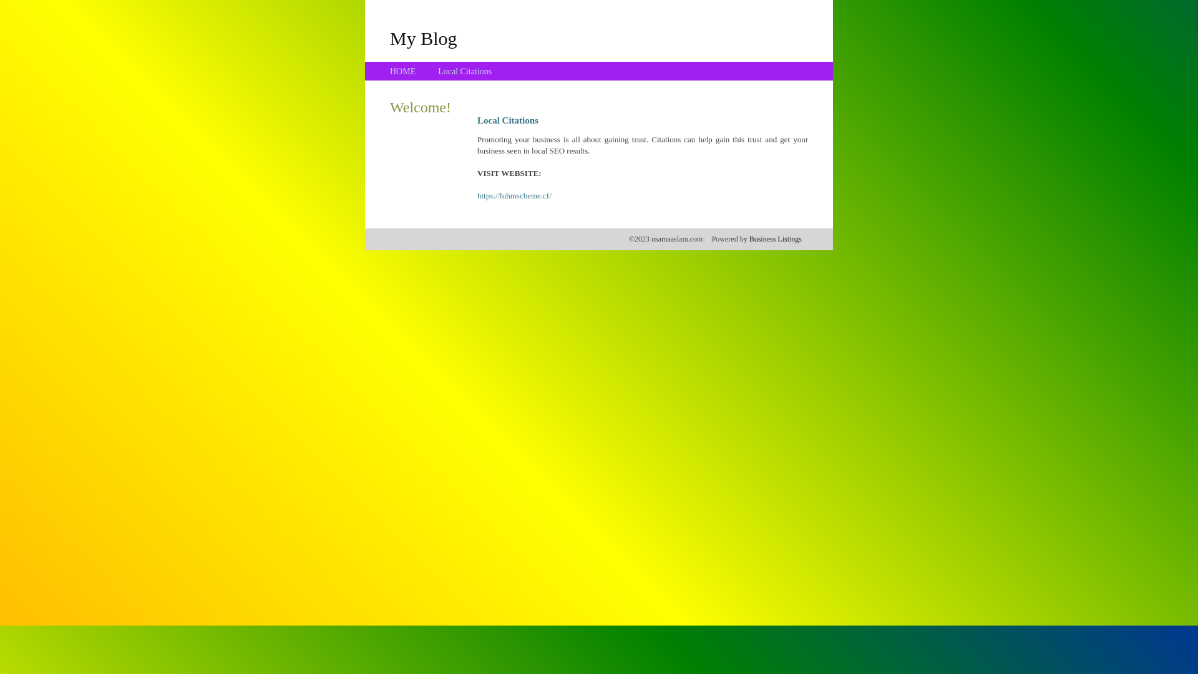 The height and width of the screenshot is (674, 1198). What do you see at coordinates (775, 238) in the screenshot?
I see `'Business Listings'` at bounding box center [775, 238].